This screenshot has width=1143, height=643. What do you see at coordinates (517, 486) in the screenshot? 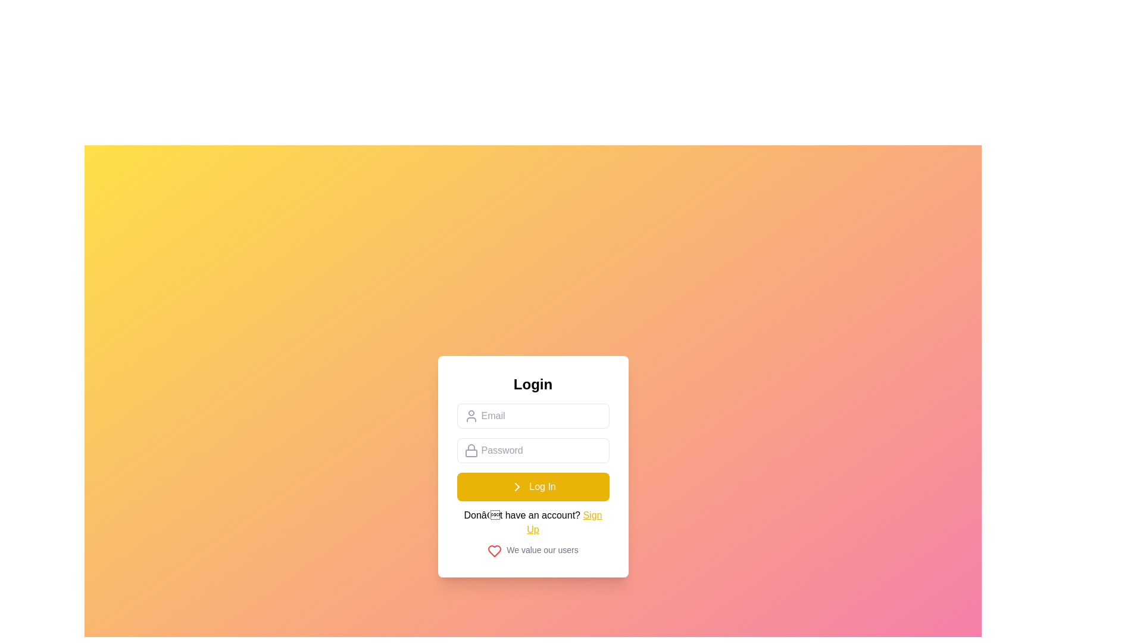
I see `the chevron icon located in the central login form, which serves as a navigational indicator below the email and password fields` at bounding box center [517, 486].